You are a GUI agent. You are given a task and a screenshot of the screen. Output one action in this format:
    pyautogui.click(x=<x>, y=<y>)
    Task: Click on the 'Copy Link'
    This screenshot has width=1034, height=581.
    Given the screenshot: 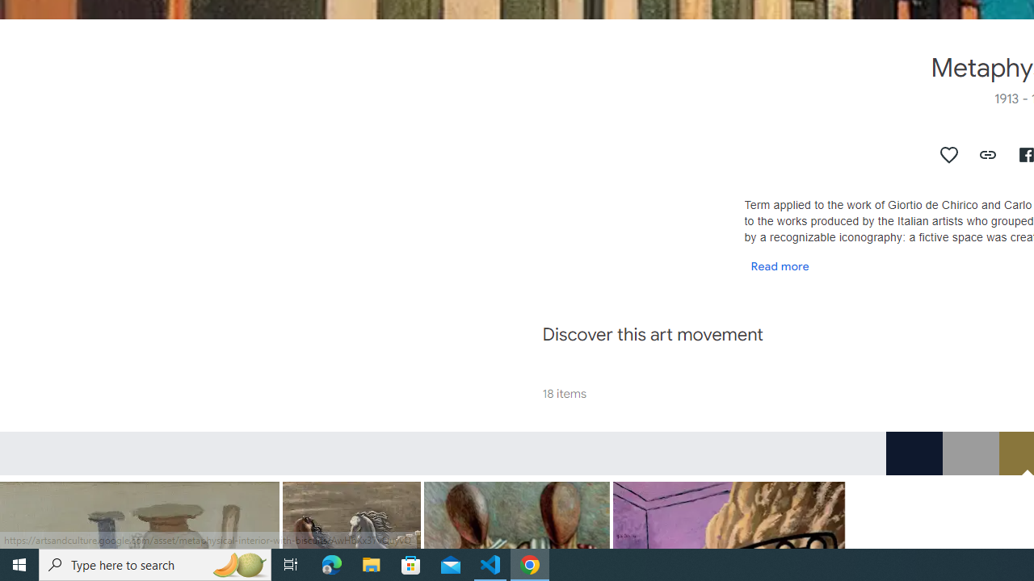 What is the action you would take?
    pyautogui.click(x=987, y=154)
    